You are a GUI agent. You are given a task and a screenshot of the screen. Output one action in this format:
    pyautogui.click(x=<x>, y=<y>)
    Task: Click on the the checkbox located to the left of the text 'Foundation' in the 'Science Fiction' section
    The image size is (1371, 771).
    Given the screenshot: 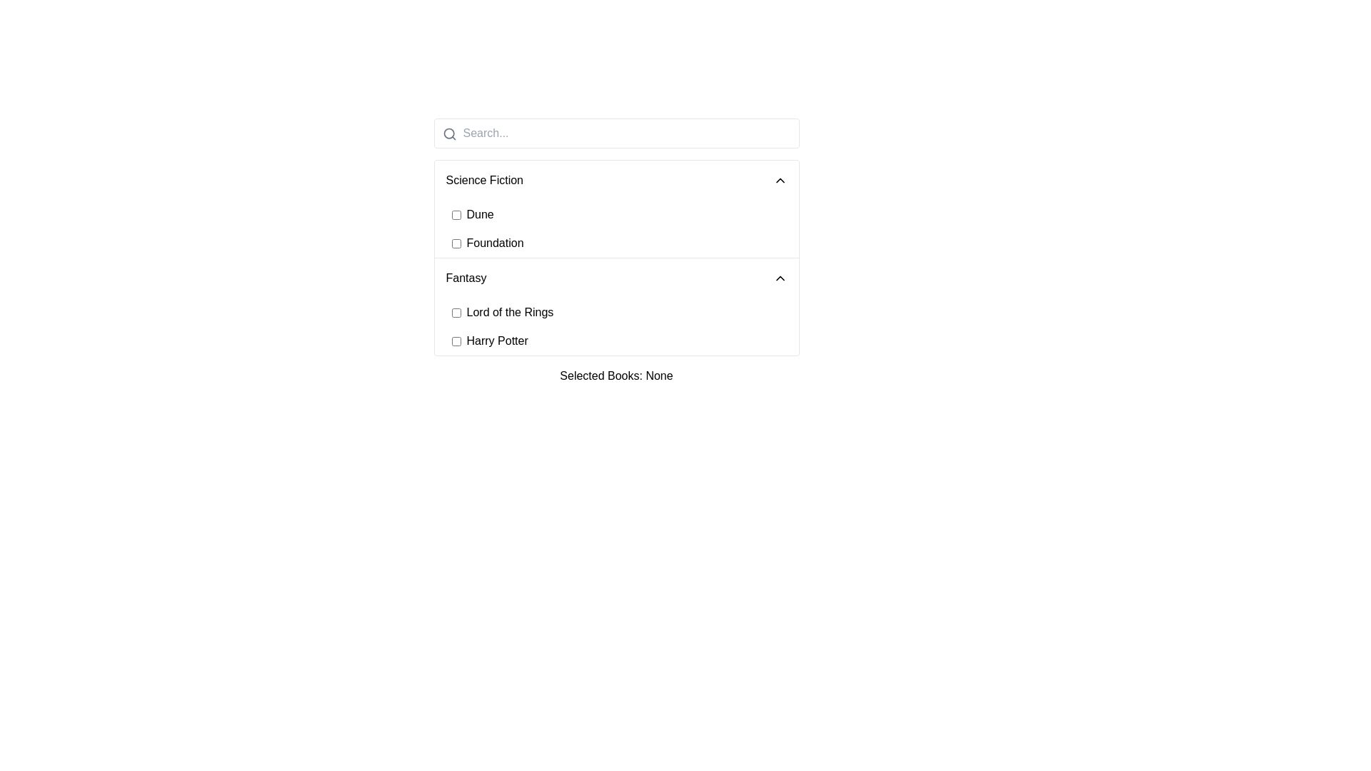 What is the action you would take?
    pyautogui.click(x=455, y=242)
    